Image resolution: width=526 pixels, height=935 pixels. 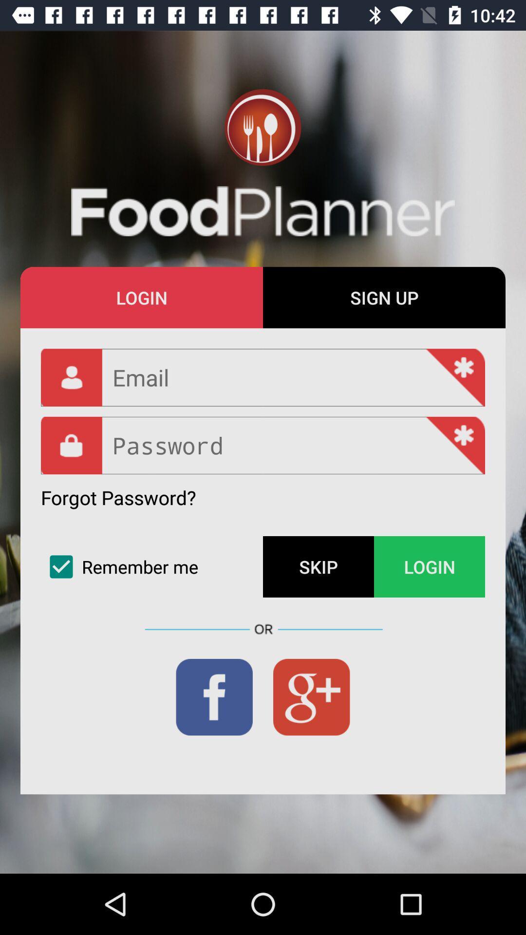 I want to click on the facebook icon, so click(x=214, y=696).